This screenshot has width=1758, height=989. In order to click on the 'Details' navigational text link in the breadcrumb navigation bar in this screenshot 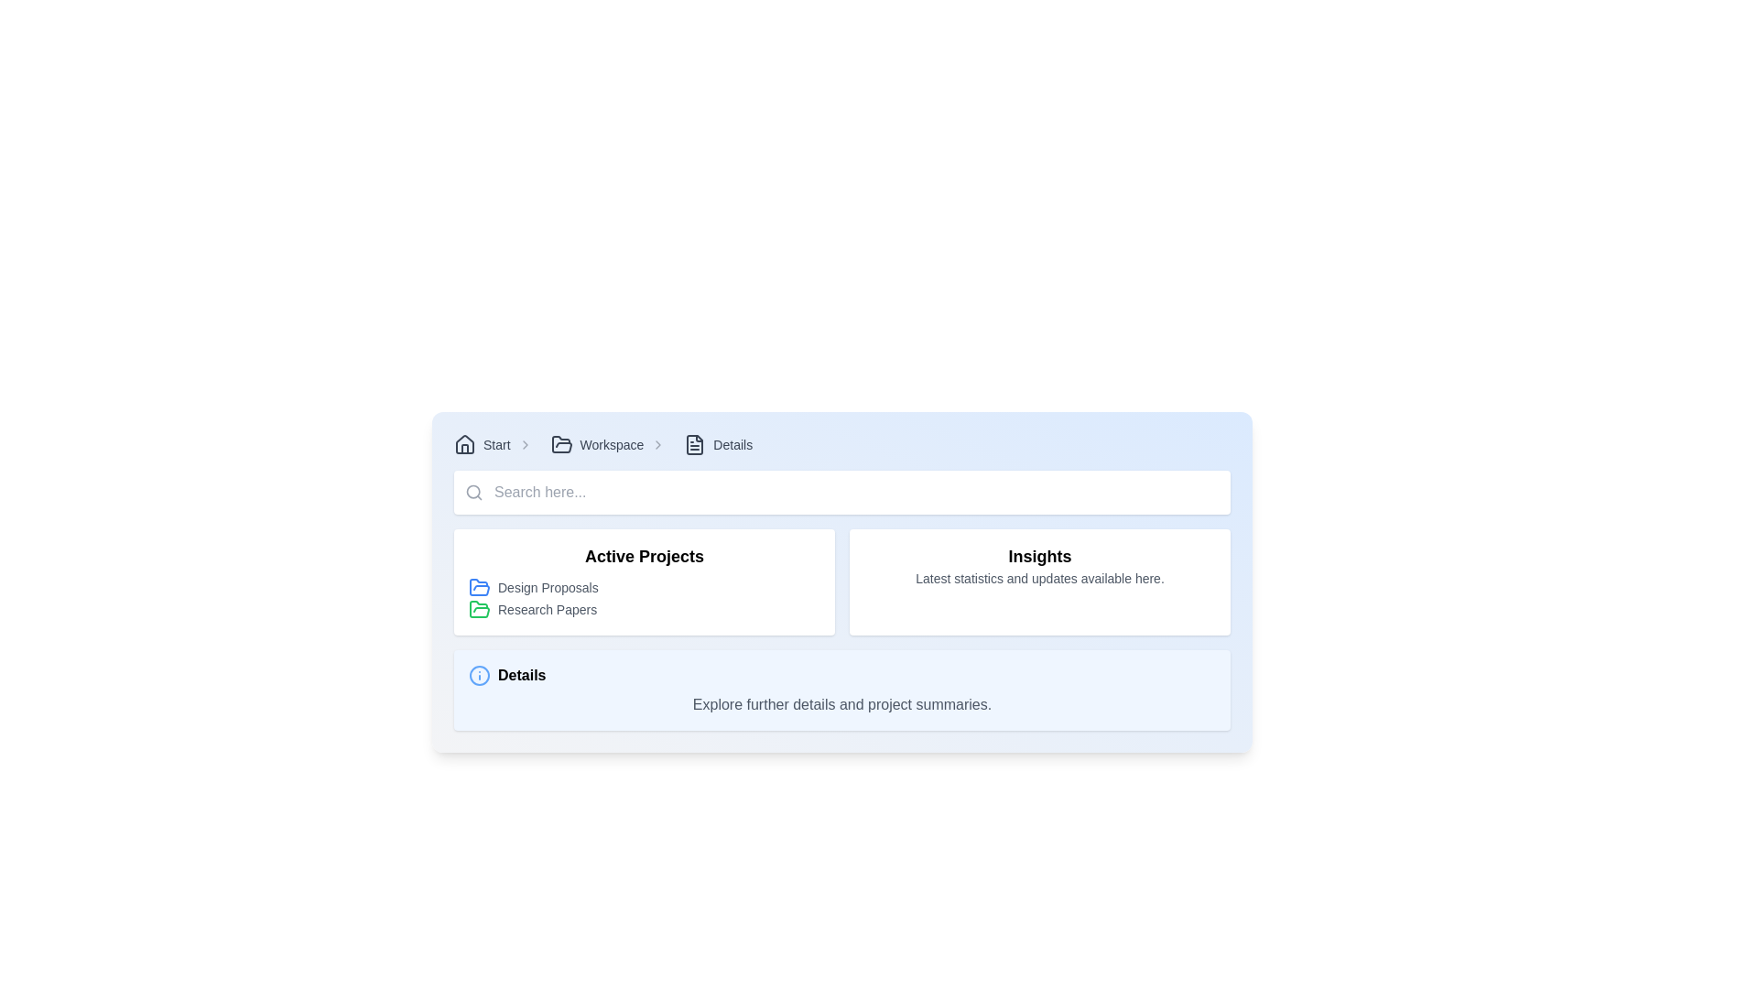, I will do `click(732, 445)`.